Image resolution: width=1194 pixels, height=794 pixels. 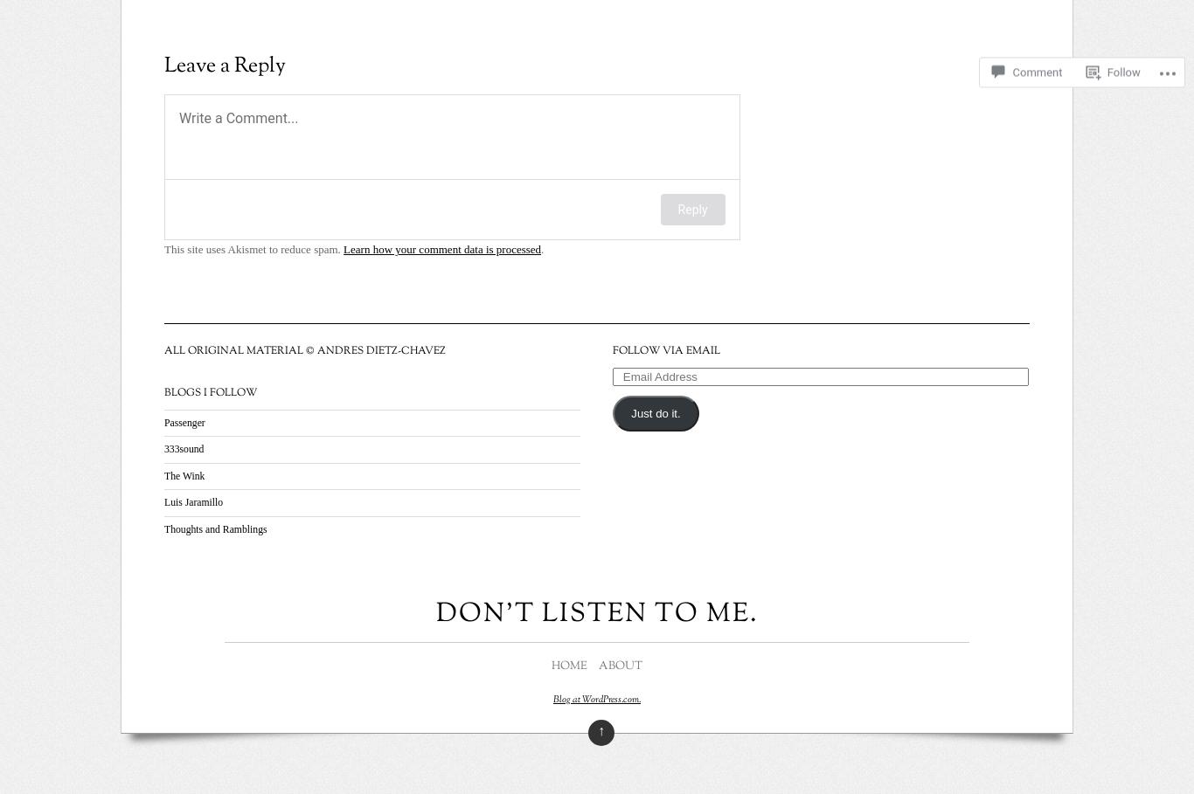 What do you see at coordinates (435, 613) in the screenshot?
I see `'don't listen to me.'` at bounding box center [435, 613].